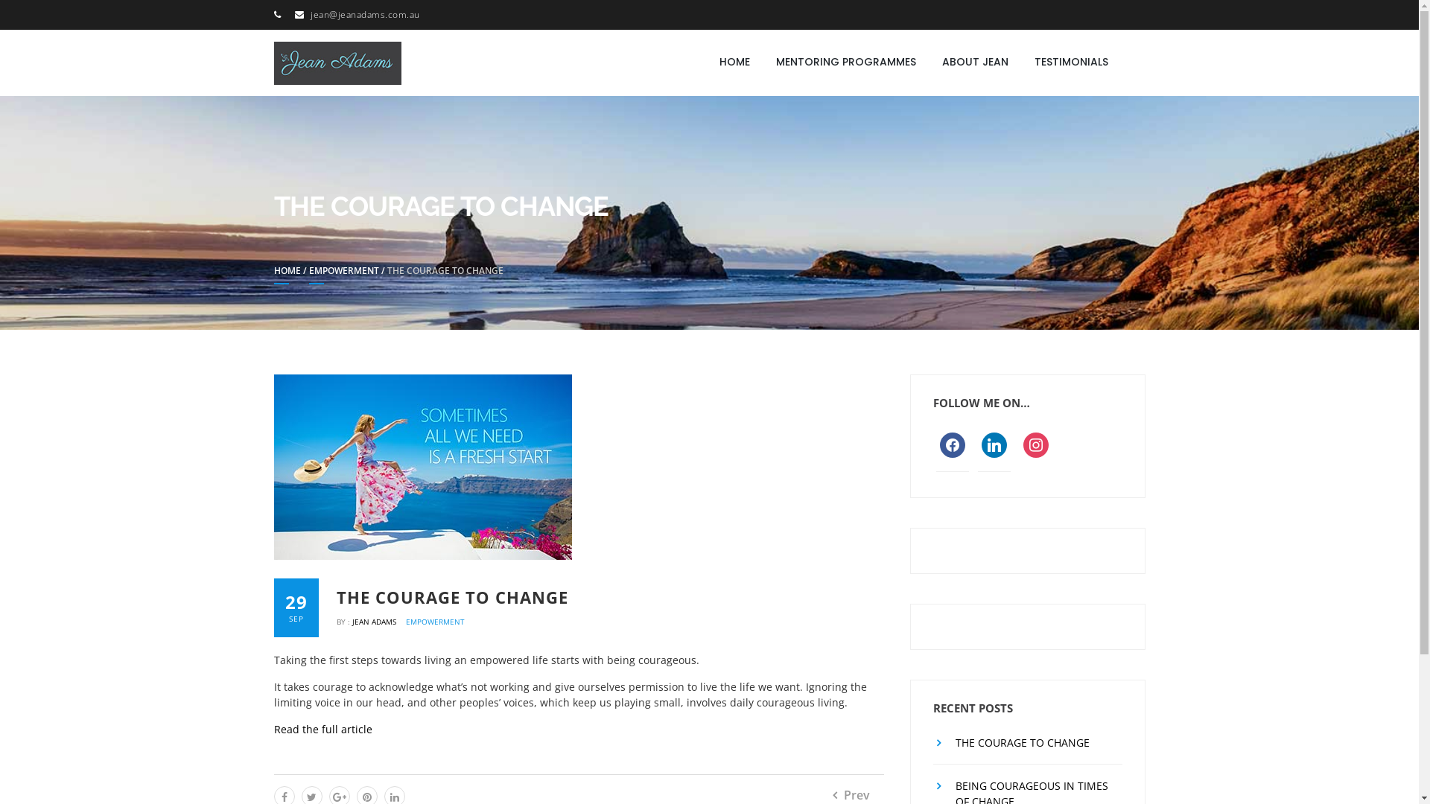 The height and width of the screenshot is (804, 1430). What do you see at coordinates (832, 794) in the screenshot?
I see `'Prev'` at bounding box center [832, 794].